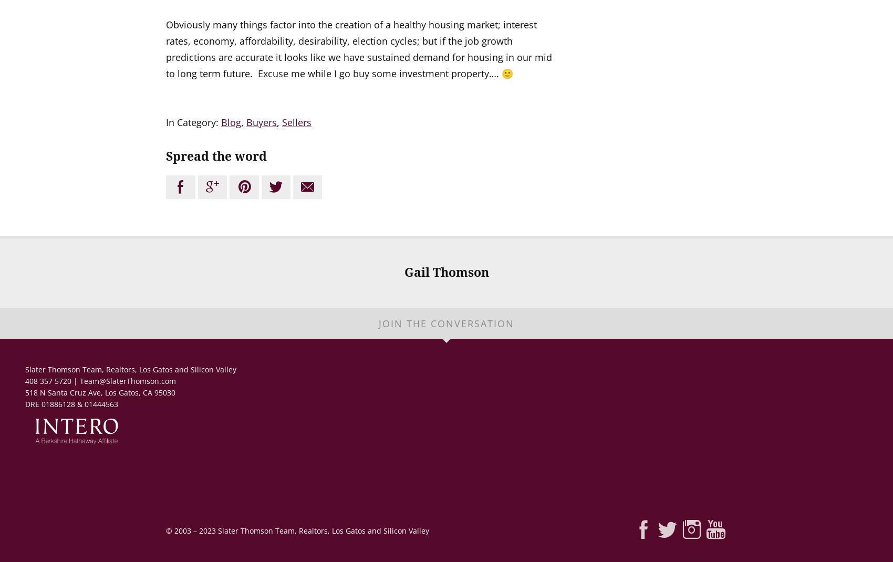  I want to click on 'Spread the word', so click(216, 157).